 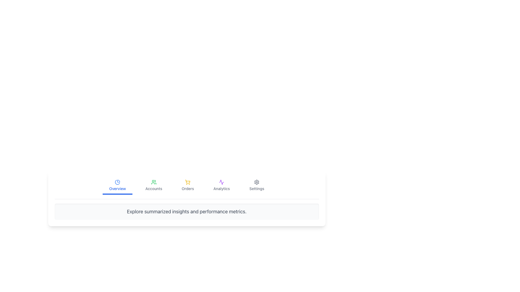 I want to click on the small purple vector graphic icon located in the bottom navigation bar, which is the fourth item from the left between the 'Orders' and 'Settings' icons, so click(x=222, y=182).